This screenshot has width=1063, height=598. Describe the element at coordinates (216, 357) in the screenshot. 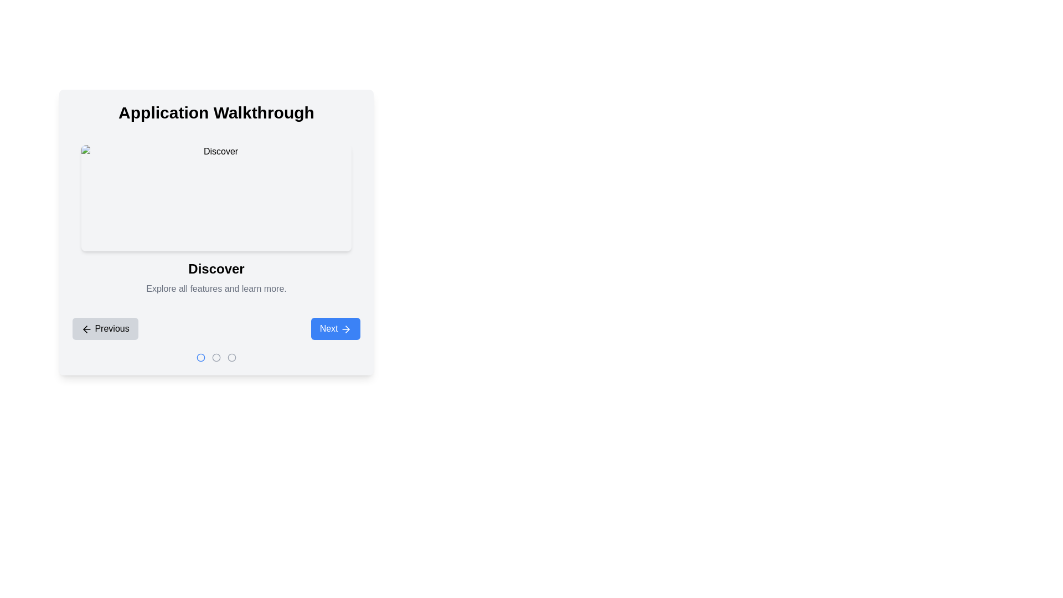

I see `the second circular Indicator icon with a gray outline located at the bottom center of the interface` at that location.